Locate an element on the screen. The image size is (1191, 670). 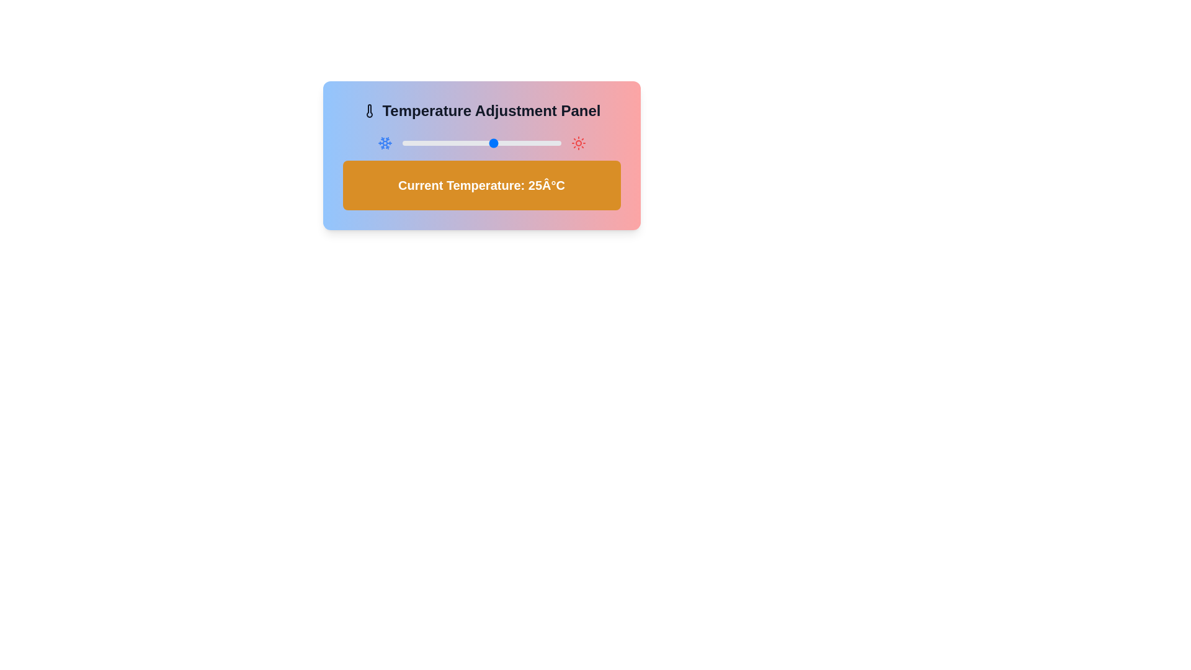
the temperature to 33°C using the slider is located at coordinates (515, 143).